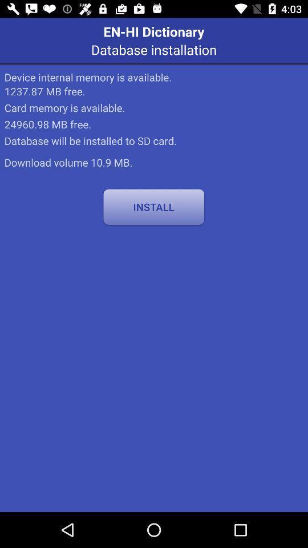  What do you see at coordinates (153, 206) in the screenshot?
I see `icon at the center` at bounding box center [153, 206].